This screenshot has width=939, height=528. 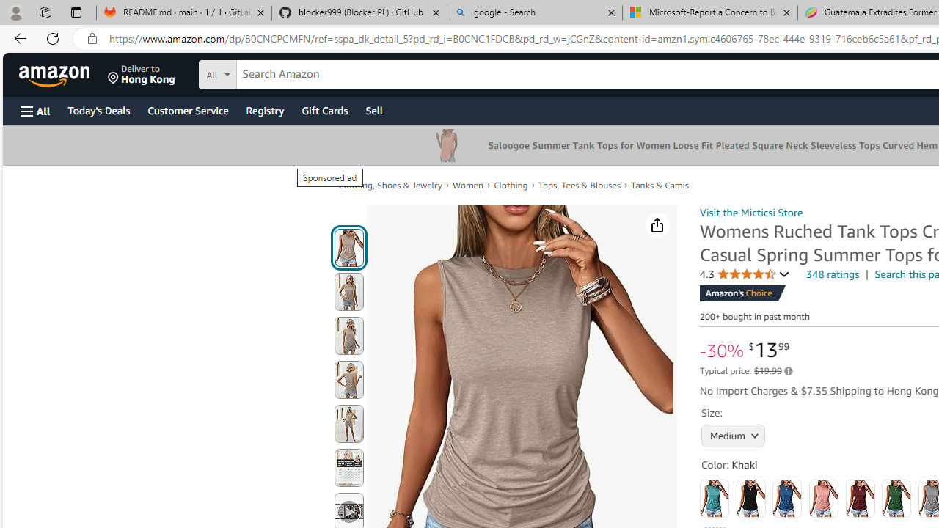 What do you see at coordinates (733, 433) in the screenshot?
I see `'AutomationID: native_dropdown_selected_size_name'` at bounding box center [733, 433].